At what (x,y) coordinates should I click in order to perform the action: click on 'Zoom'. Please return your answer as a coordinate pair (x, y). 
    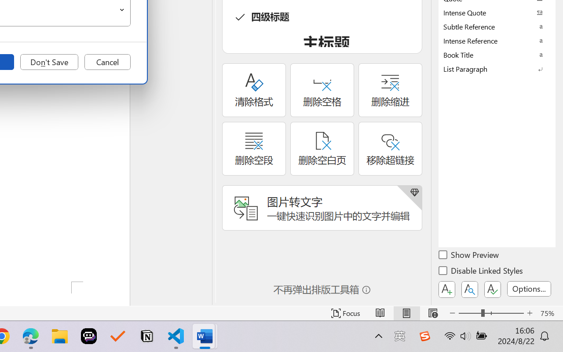
    Looking at the image, I should click on (490, 313).